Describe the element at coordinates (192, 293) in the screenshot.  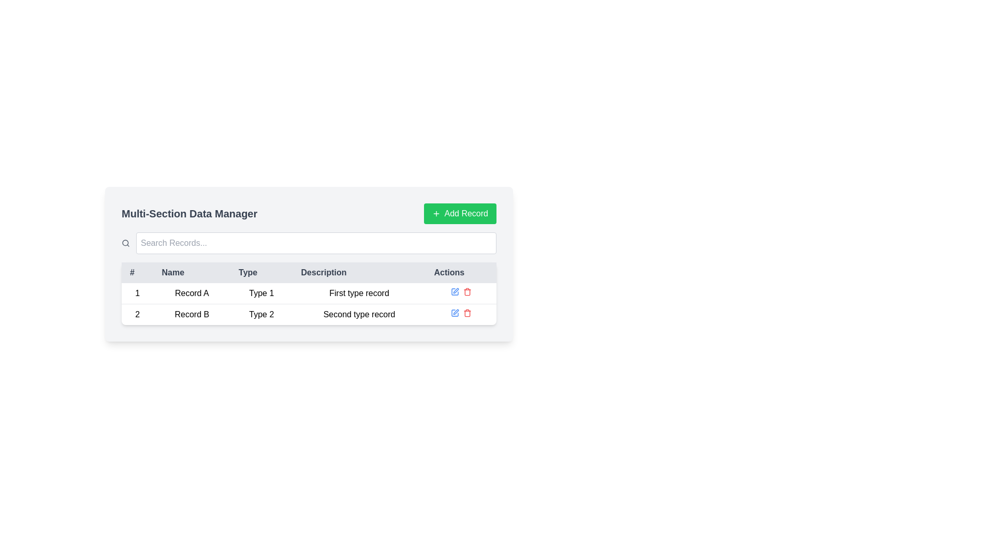
I see `the text label displaying 'Record A' in the second column of the first row under the 'Name' column` at that location.